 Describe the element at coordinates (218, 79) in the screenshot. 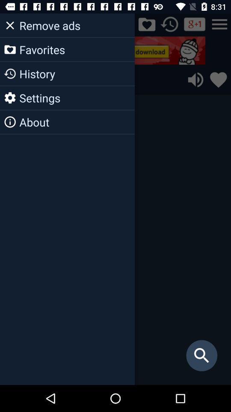

I see `the favorite icon` at that location.